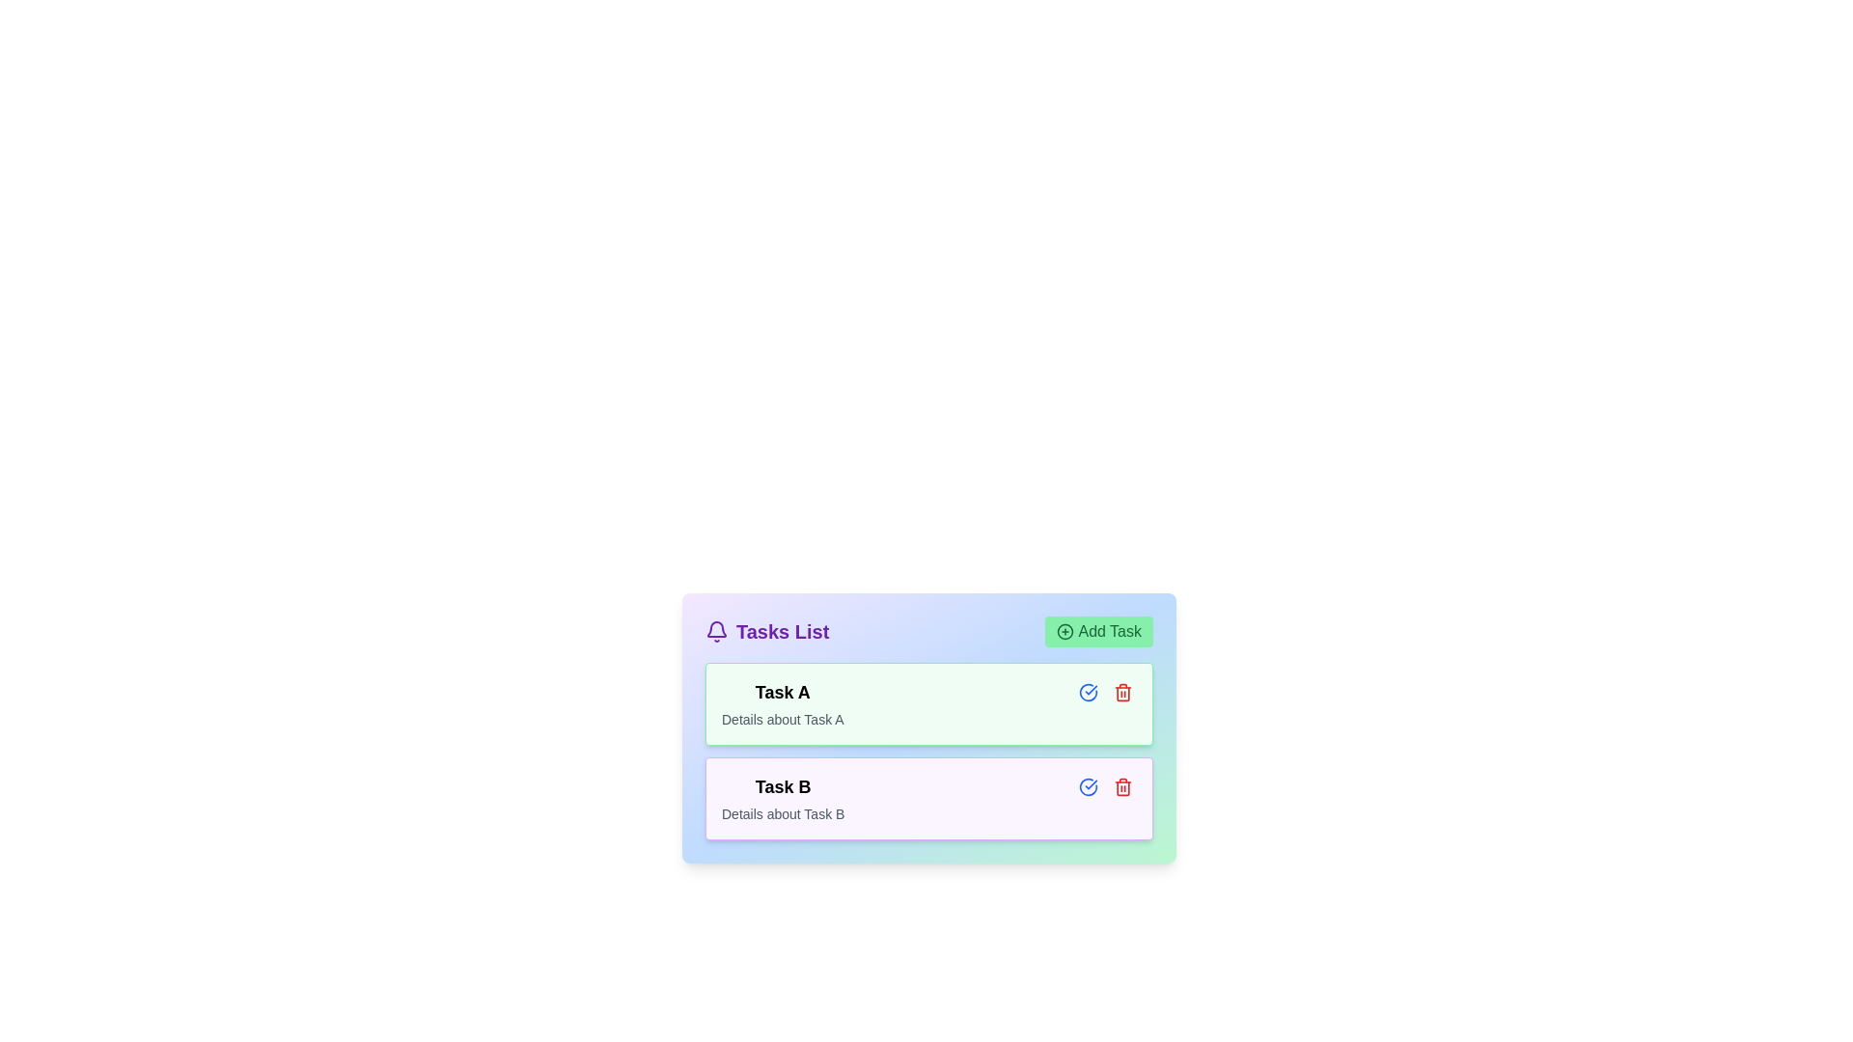 The height and width of the screenshot is (1042, 1853). I want to click on the Task Card with the title 'Task A', which is the first item in the task list, featuring a light green background and rounded borders, so click(929, 703).